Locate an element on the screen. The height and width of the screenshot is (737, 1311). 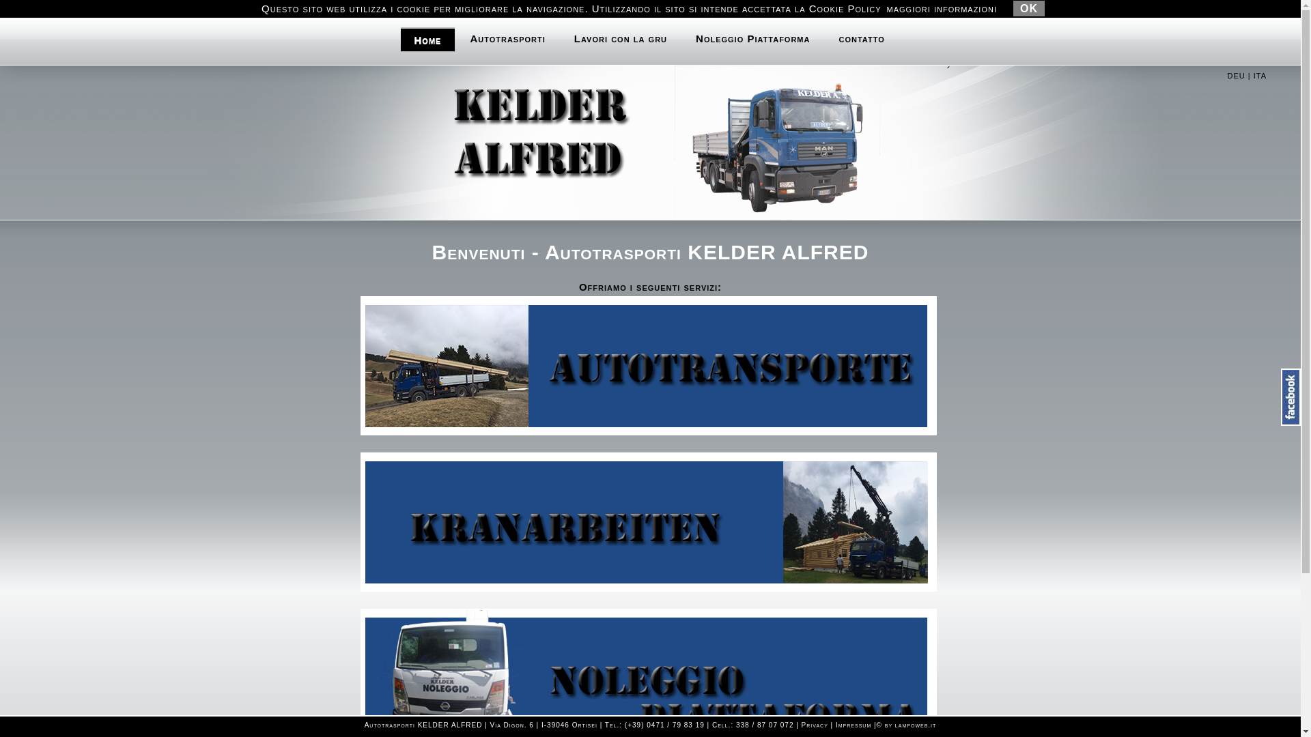
'OK' is located at coordinates (1013, 8).